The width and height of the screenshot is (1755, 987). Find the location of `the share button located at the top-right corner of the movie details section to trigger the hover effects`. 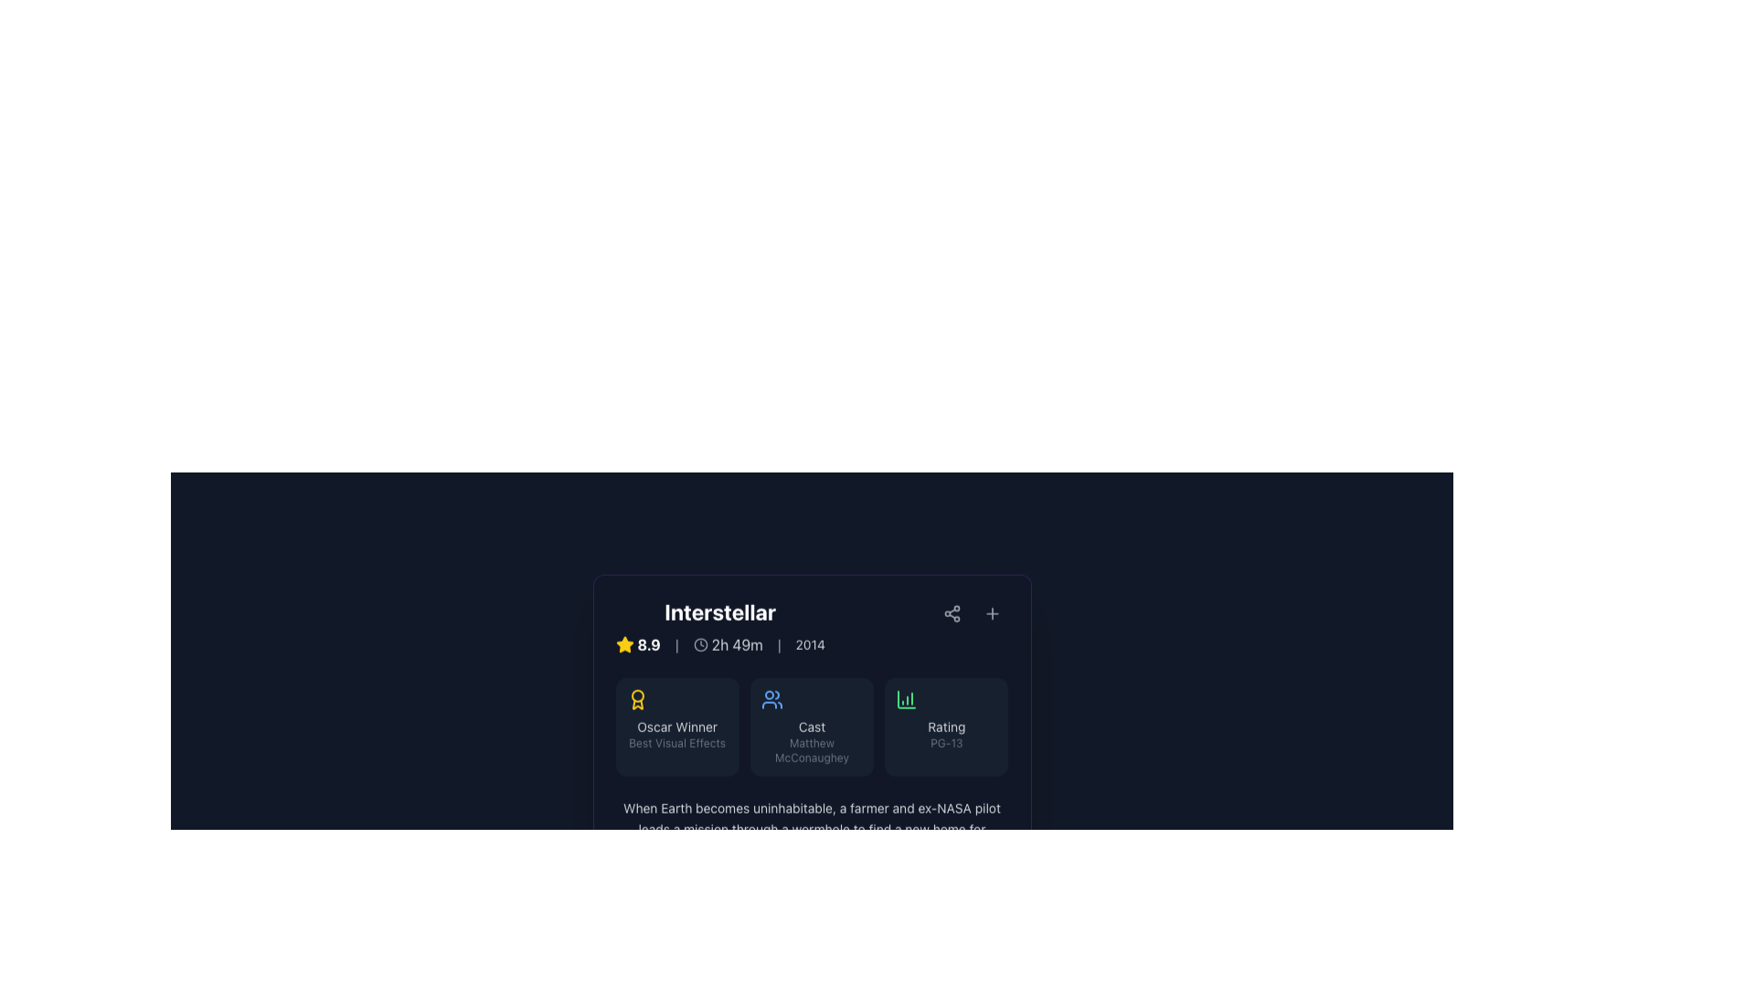

the share button located at the top-right corner of the movie details section to trigger the hover effects is located at coordinates (951, 613).